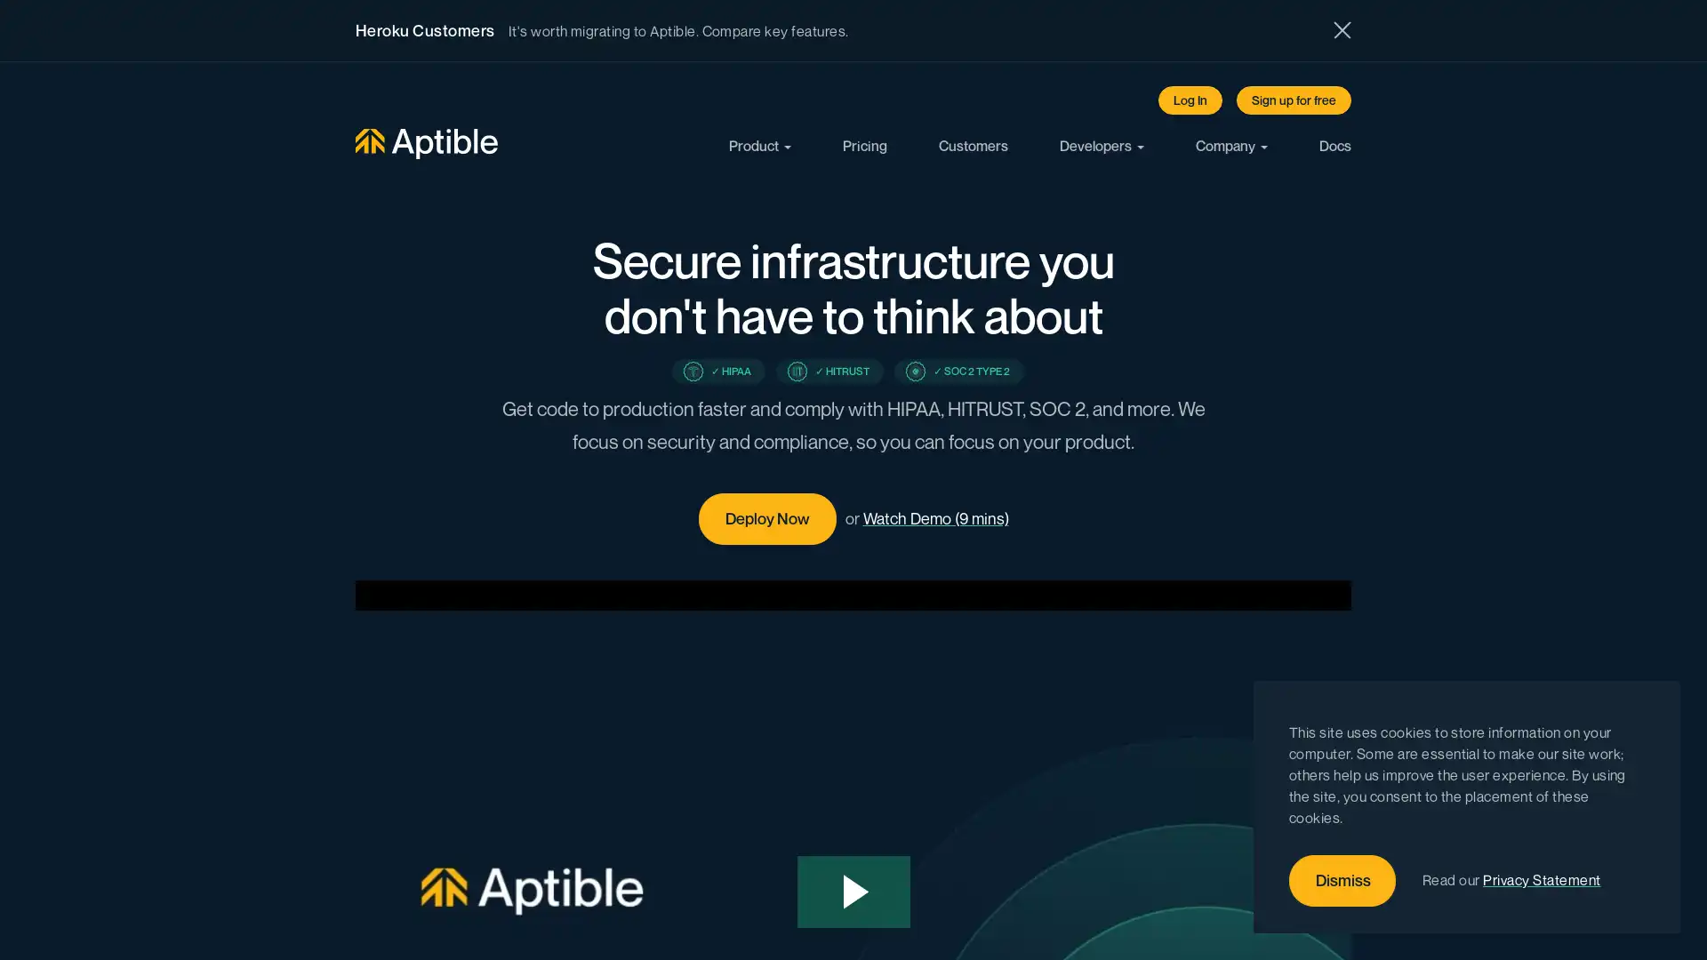 The width and height of the screenshot is (1707, 960). I want to click on Deploy Now, so click(766, 518).